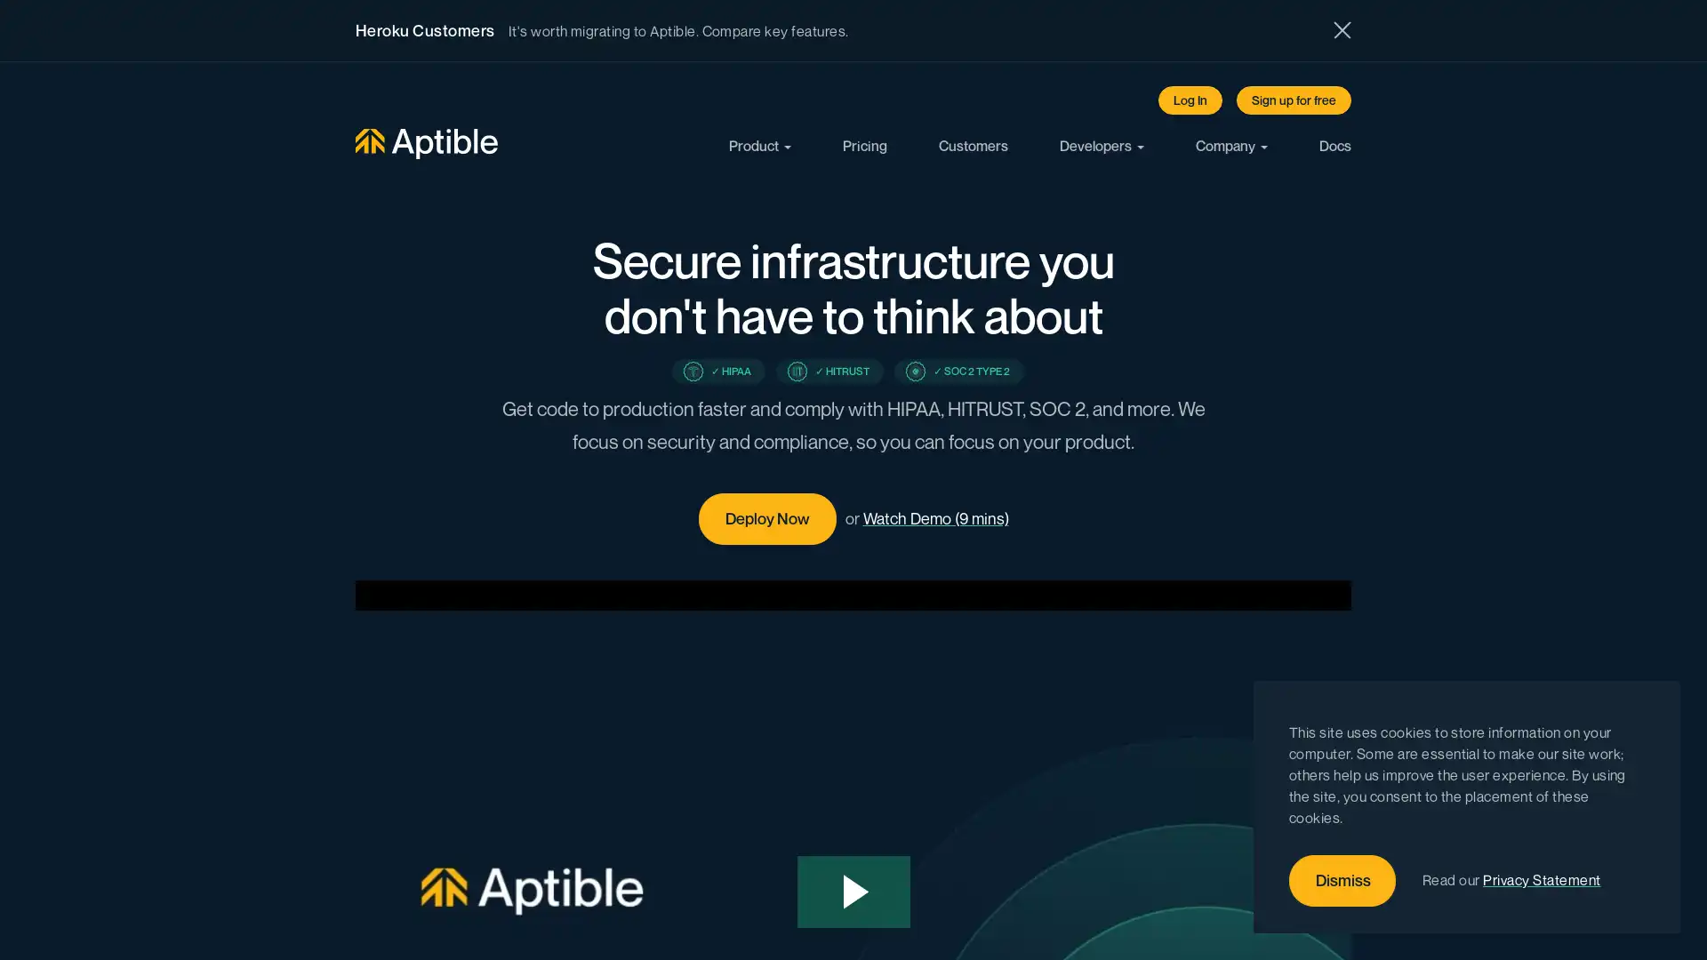 The width and height of the screenshot is (1707, 960). I want to click on Deploy Now, so click(766, 518).